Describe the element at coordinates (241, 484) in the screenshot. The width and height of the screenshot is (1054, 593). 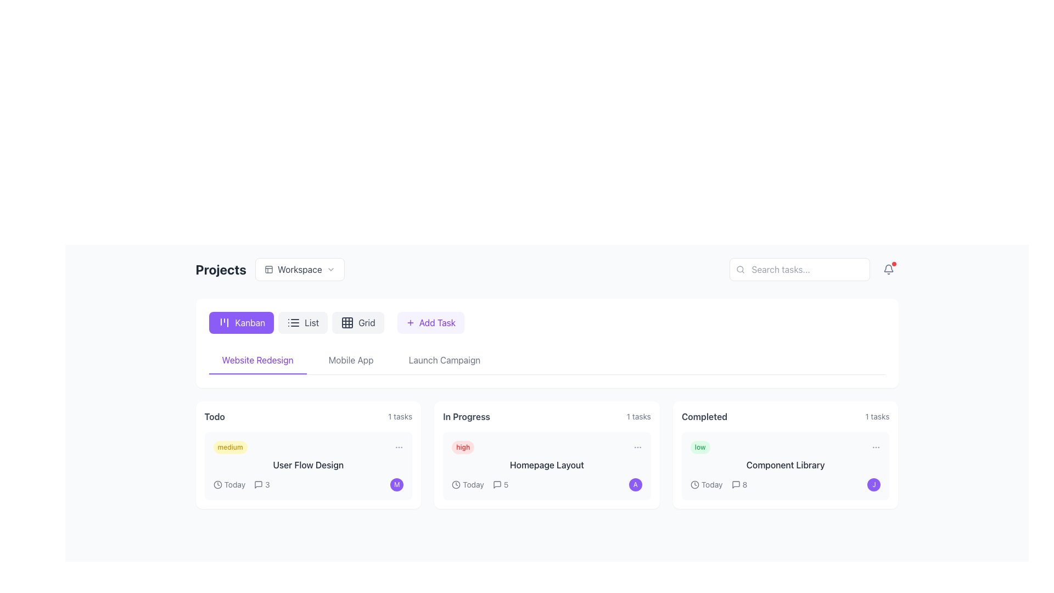
I see `the displayed information on the deadline and count in the composite layout element containing the word 'Today' and the number '3', located within the 'Todo' card as the first visible horizontal cluster` at that location.